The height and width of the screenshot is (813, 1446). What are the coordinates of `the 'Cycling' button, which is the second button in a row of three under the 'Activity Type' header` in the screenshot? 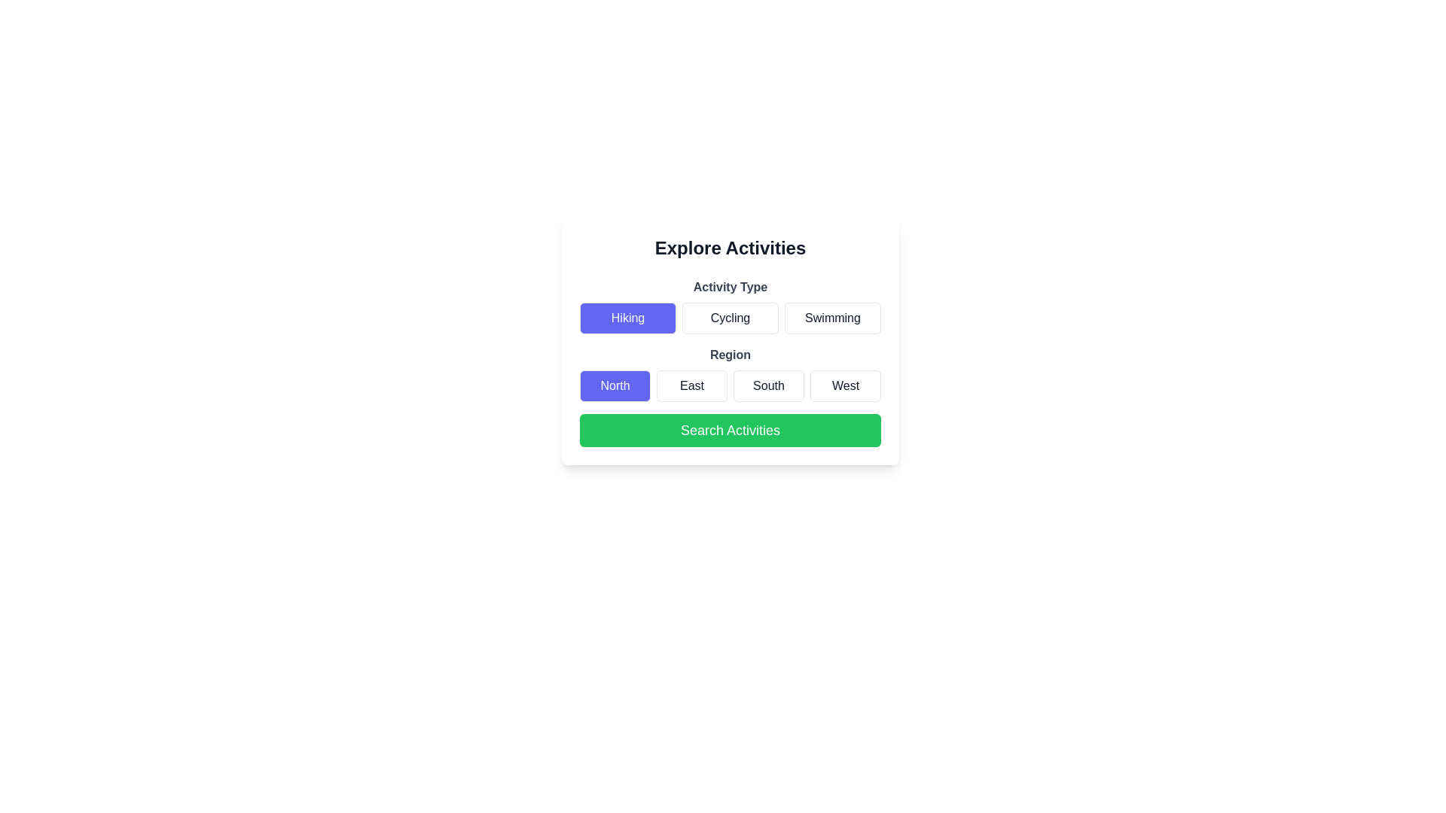 It's located at (730, 318).